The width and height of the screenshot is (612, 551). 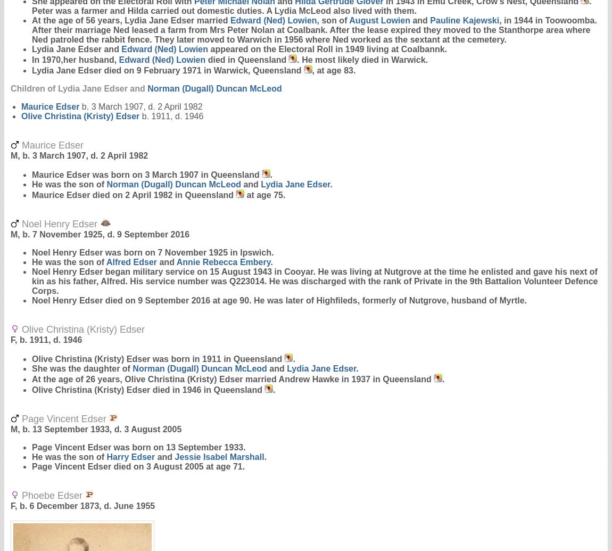 What do you see at coordinates (81, 368) in the screenshot?
I see `'She was the daughter of'` at bounding box center [81, 368].